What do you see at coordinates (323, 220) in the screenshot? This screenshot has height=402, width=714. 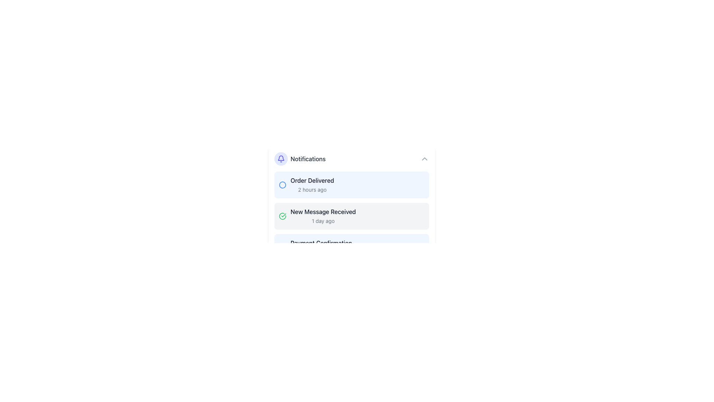 I see `timestamp information displayed as '1 day ago', located directly under the bold text 'New Message Received'` at bounding box center [323, 220].